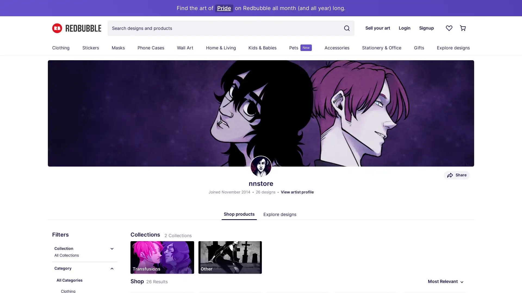 The height and width of the screenshot is (293, 522). Describe the element at coordinates (162, 257) in the screenshot. I see `Transfusions` at that location.